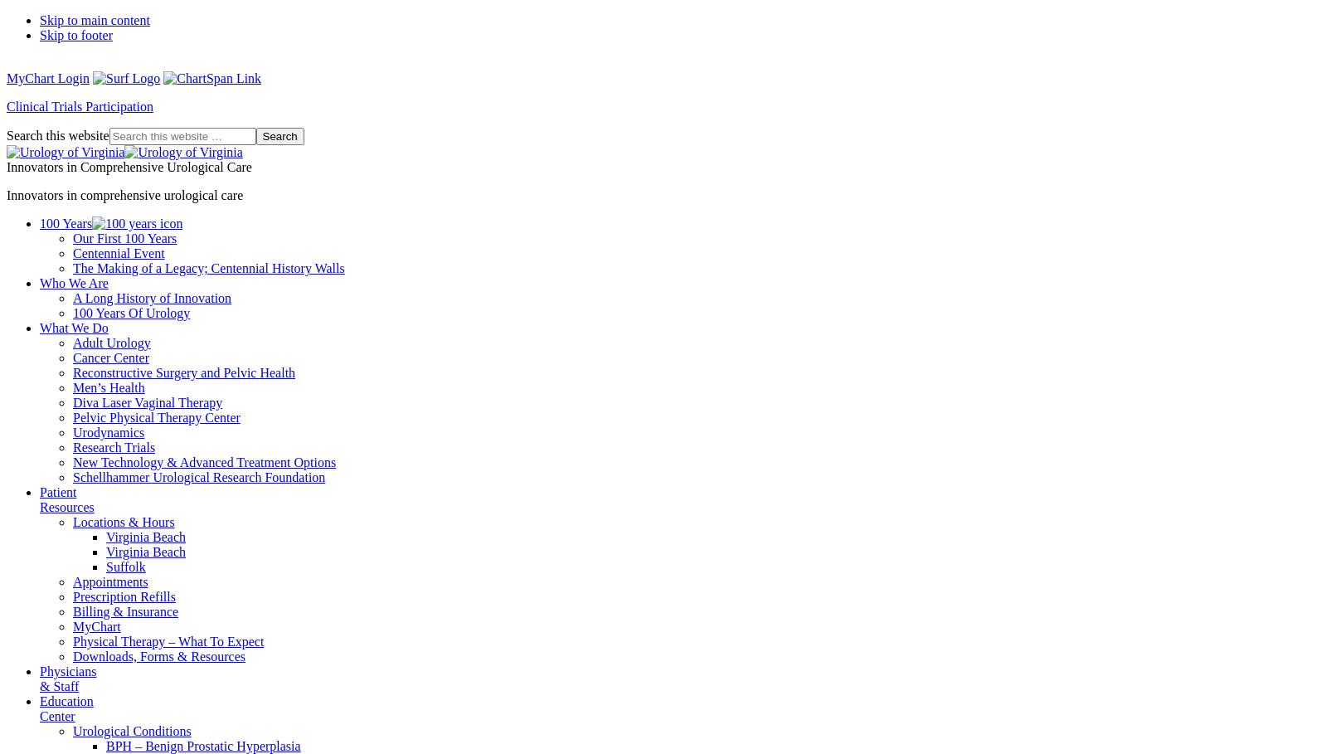 The width and height of the screenshot is (1327, 754). I want to click on 'Research Trials', so click(113, 447).